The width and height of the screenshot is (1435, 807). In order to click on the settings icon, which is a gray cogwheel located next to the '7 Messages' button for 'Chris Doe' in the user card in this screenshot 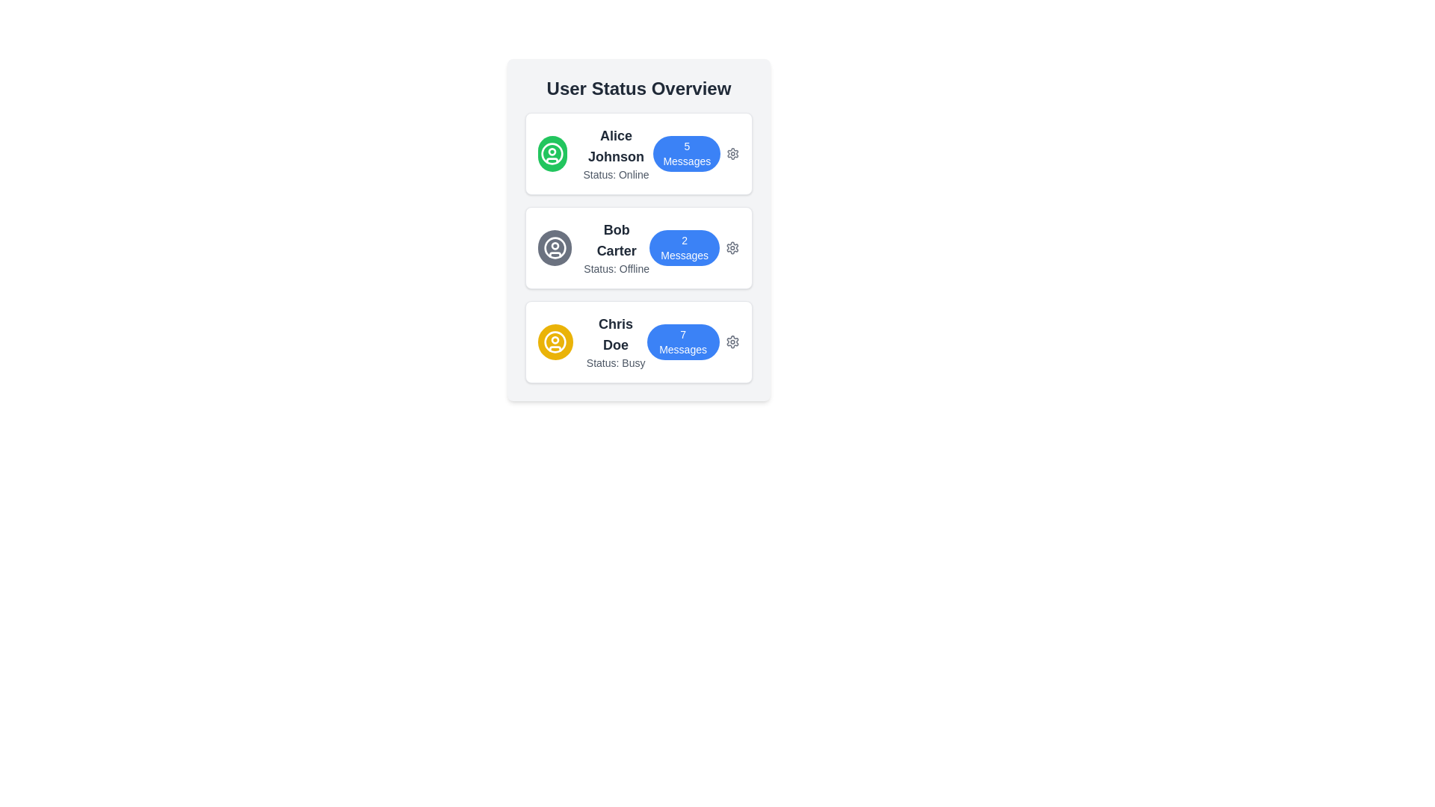, I will do `click(732, 342)`.